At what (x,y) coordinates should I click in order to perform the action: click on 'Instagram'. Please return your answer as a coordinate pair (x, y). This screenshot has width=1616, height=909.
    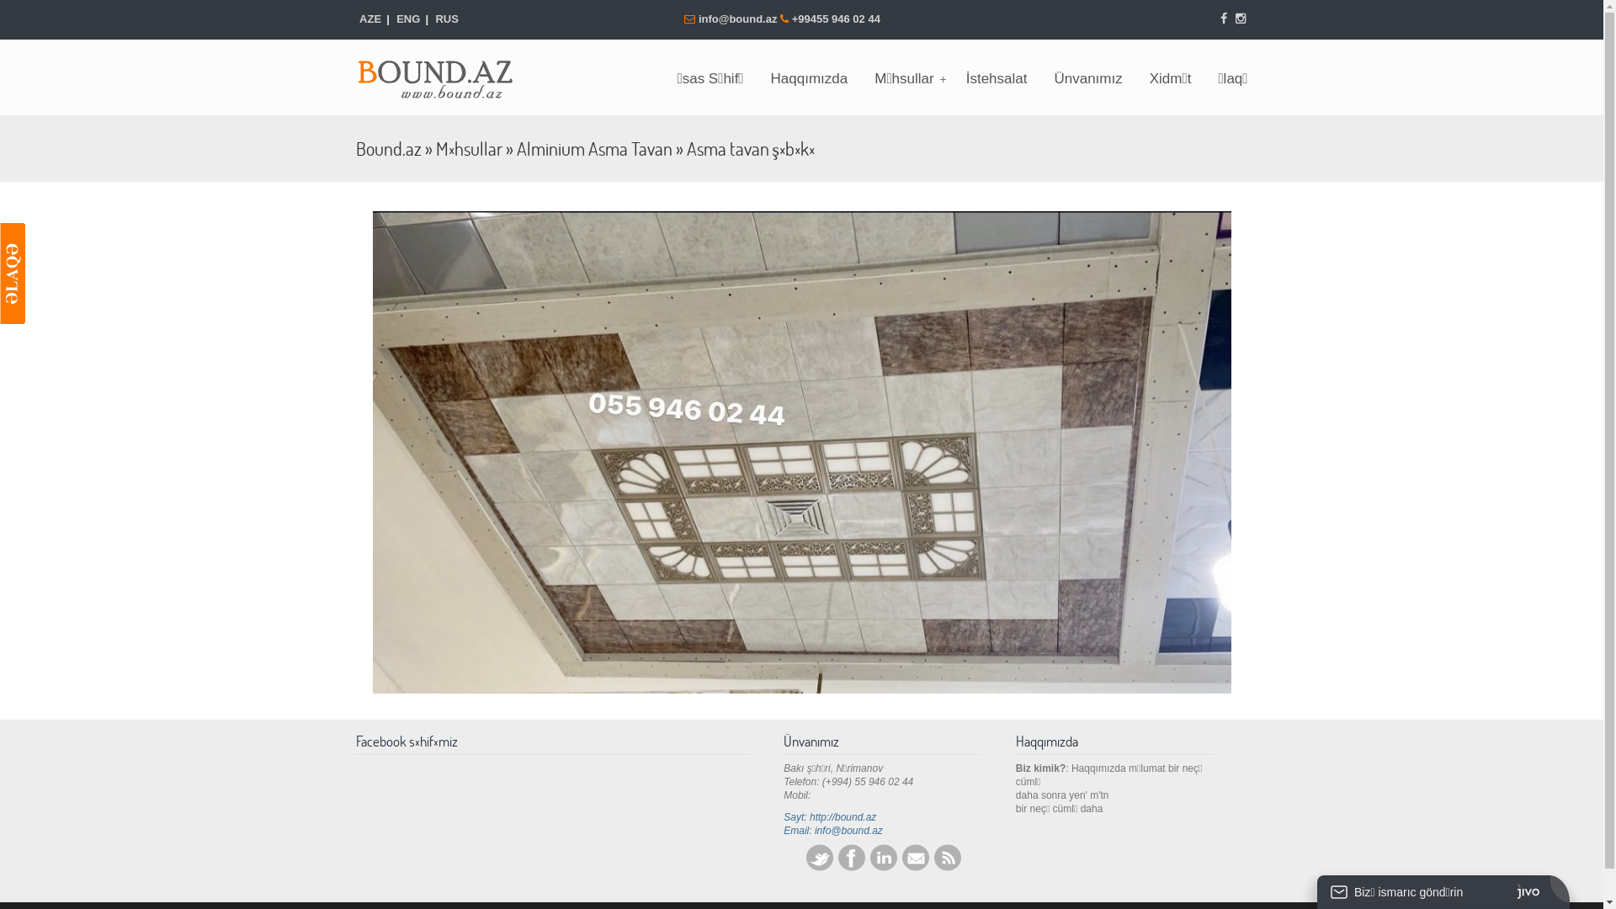
    Looking at the image, I should click on (1240, 19).